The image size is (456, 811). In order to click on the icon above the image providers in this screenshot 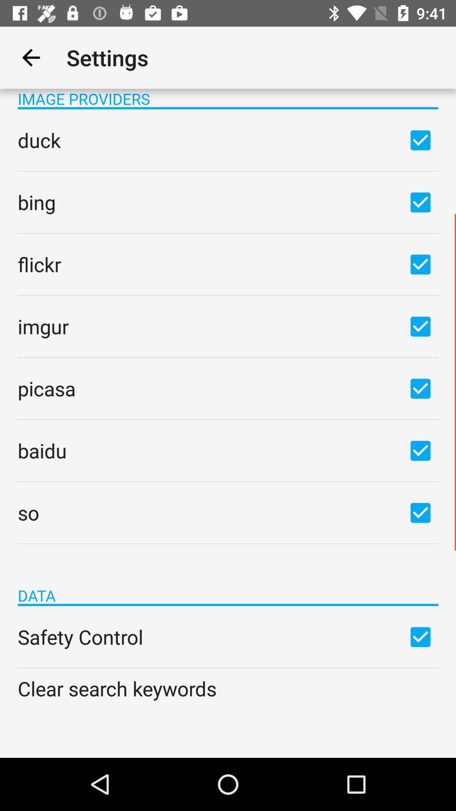, I will do `click(30, 57)`.